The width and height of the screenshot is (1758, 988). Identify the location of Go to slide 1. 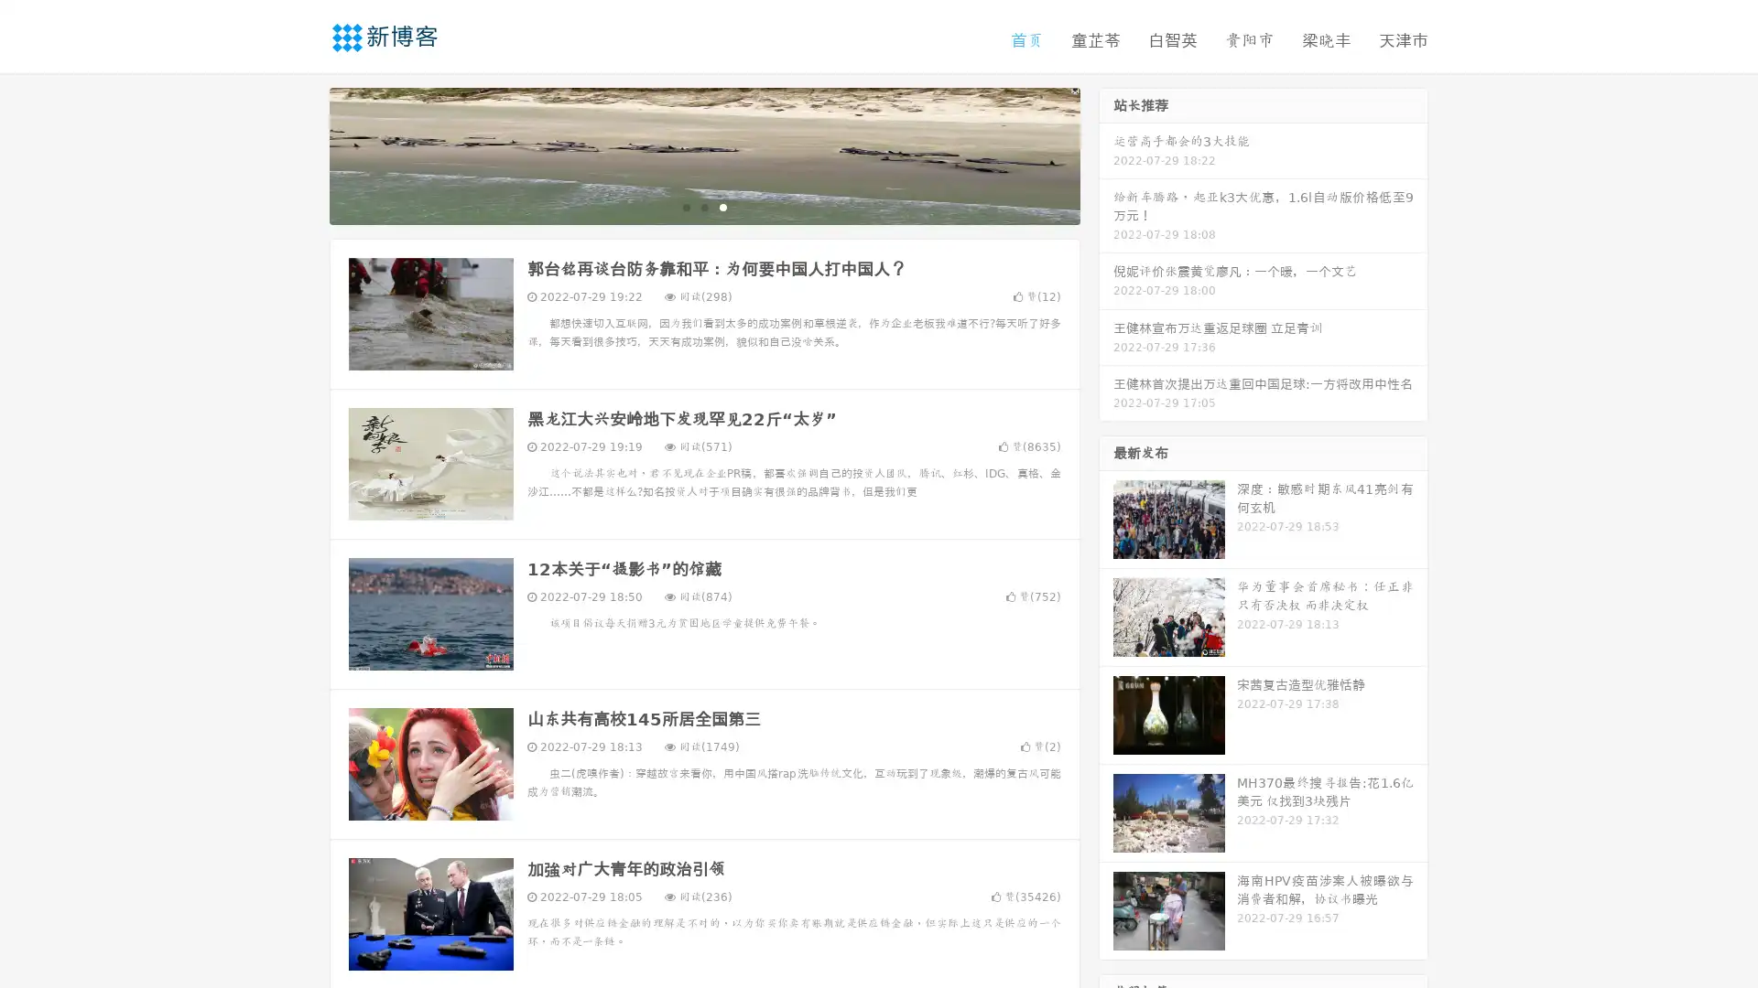
(685, 206).